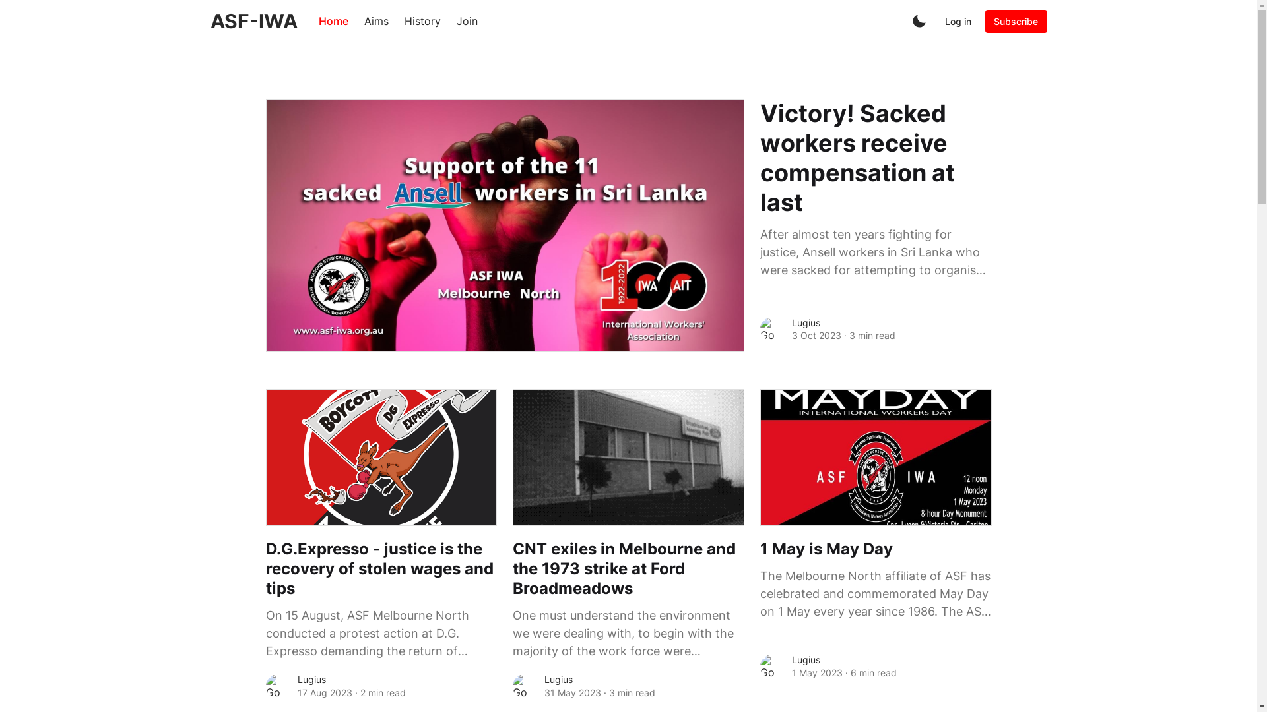  I want to click on 'Go to the profile of Lugius', so click(512, 686).